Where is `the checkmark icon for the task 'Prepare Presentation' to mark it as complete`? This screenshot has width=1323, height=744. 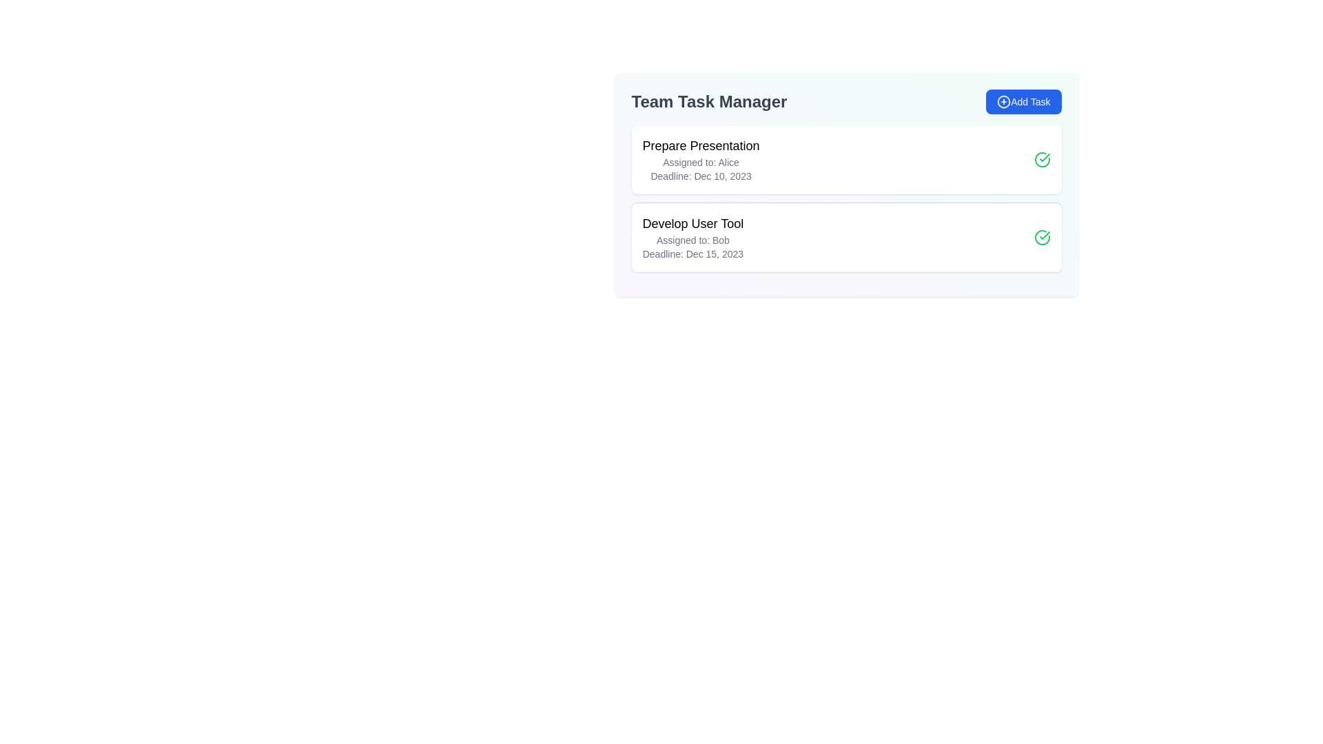 the checkmark icon for the task 'Prepare Presentation' to mark it as complete is located at coordinates (1042, 158).